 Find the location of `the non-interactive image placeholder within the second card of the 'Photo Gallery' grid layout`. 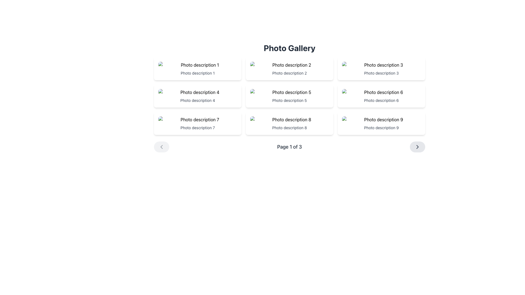

the non-interactive image placeholder within the second card of the 'Photo Gallery' grid layout is located at coordinates (289, 65).